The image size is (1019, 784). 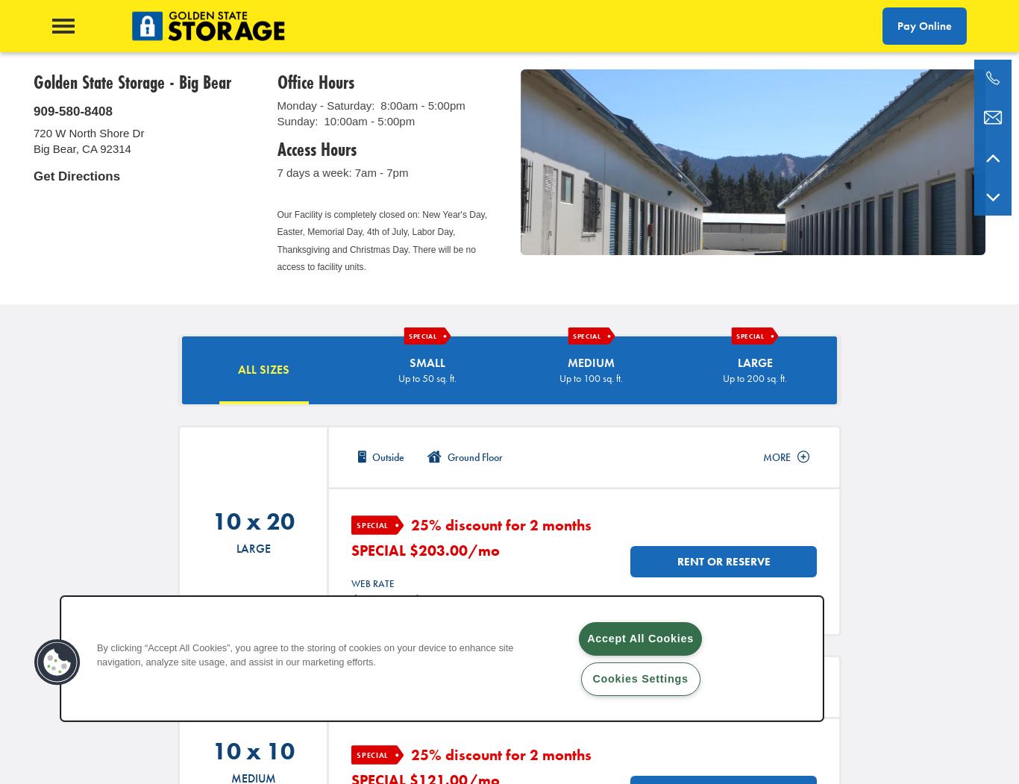 I want to click on 'Up to 50 sq. ft.', so click(x=398, y=377).